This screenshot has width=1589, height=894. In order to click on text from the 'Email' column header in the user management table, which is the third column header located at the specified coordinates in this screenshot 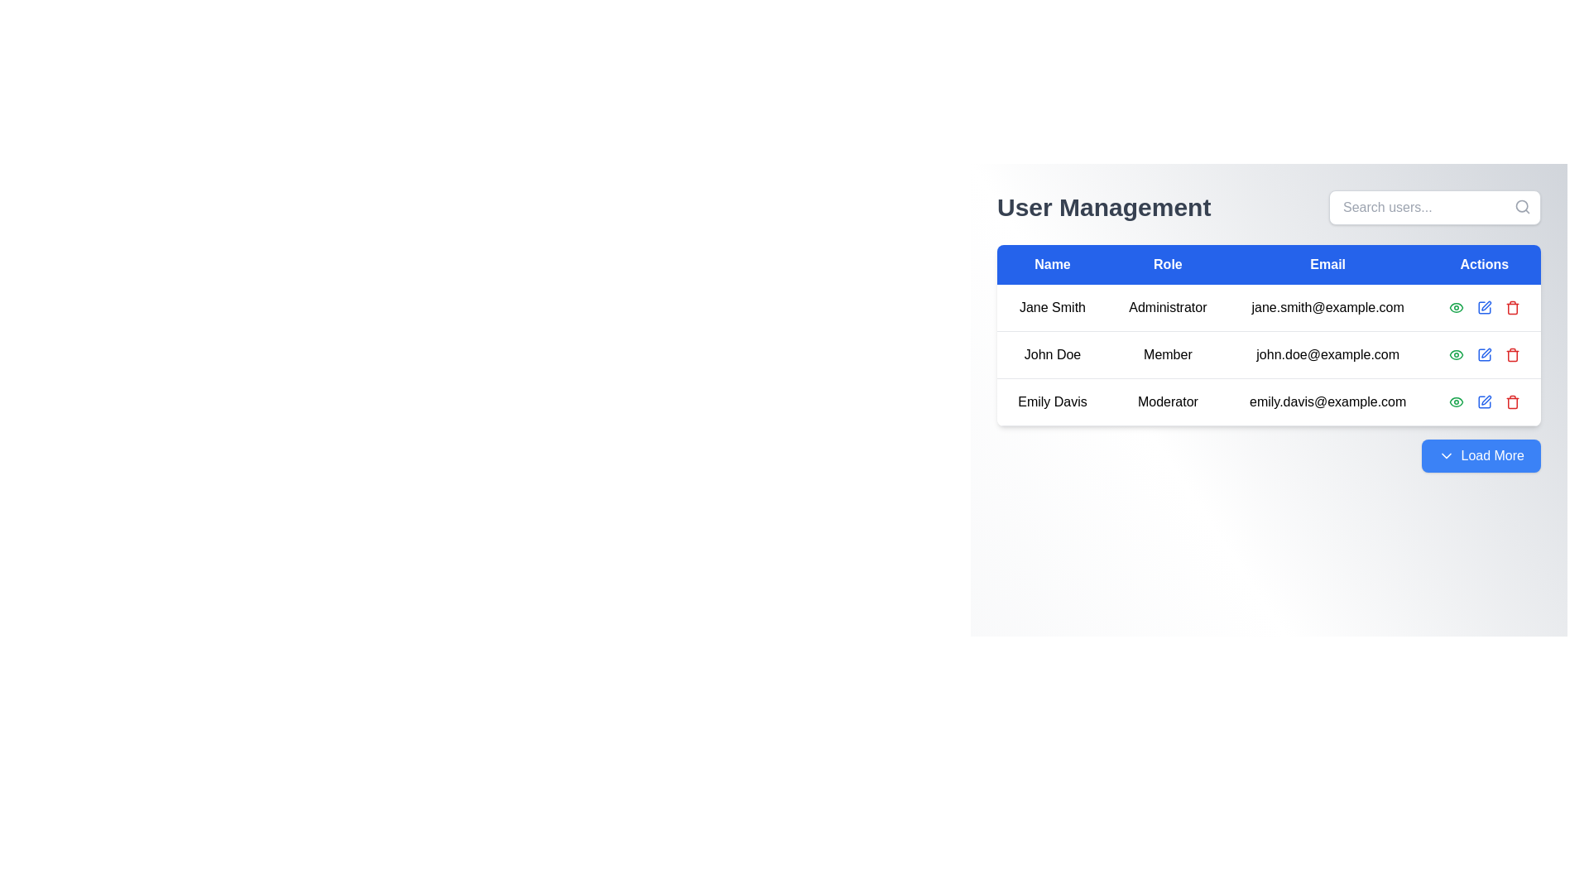, I will do `click(1327, 264)`.